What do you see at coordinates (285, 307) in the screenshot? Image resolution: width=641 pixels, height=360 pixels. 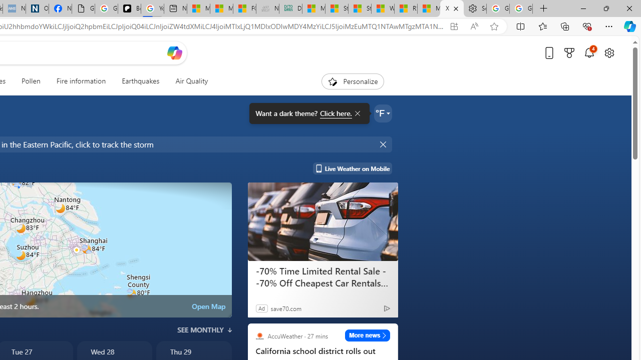 I see `'save70.com'` at bounding box center [285, 307].